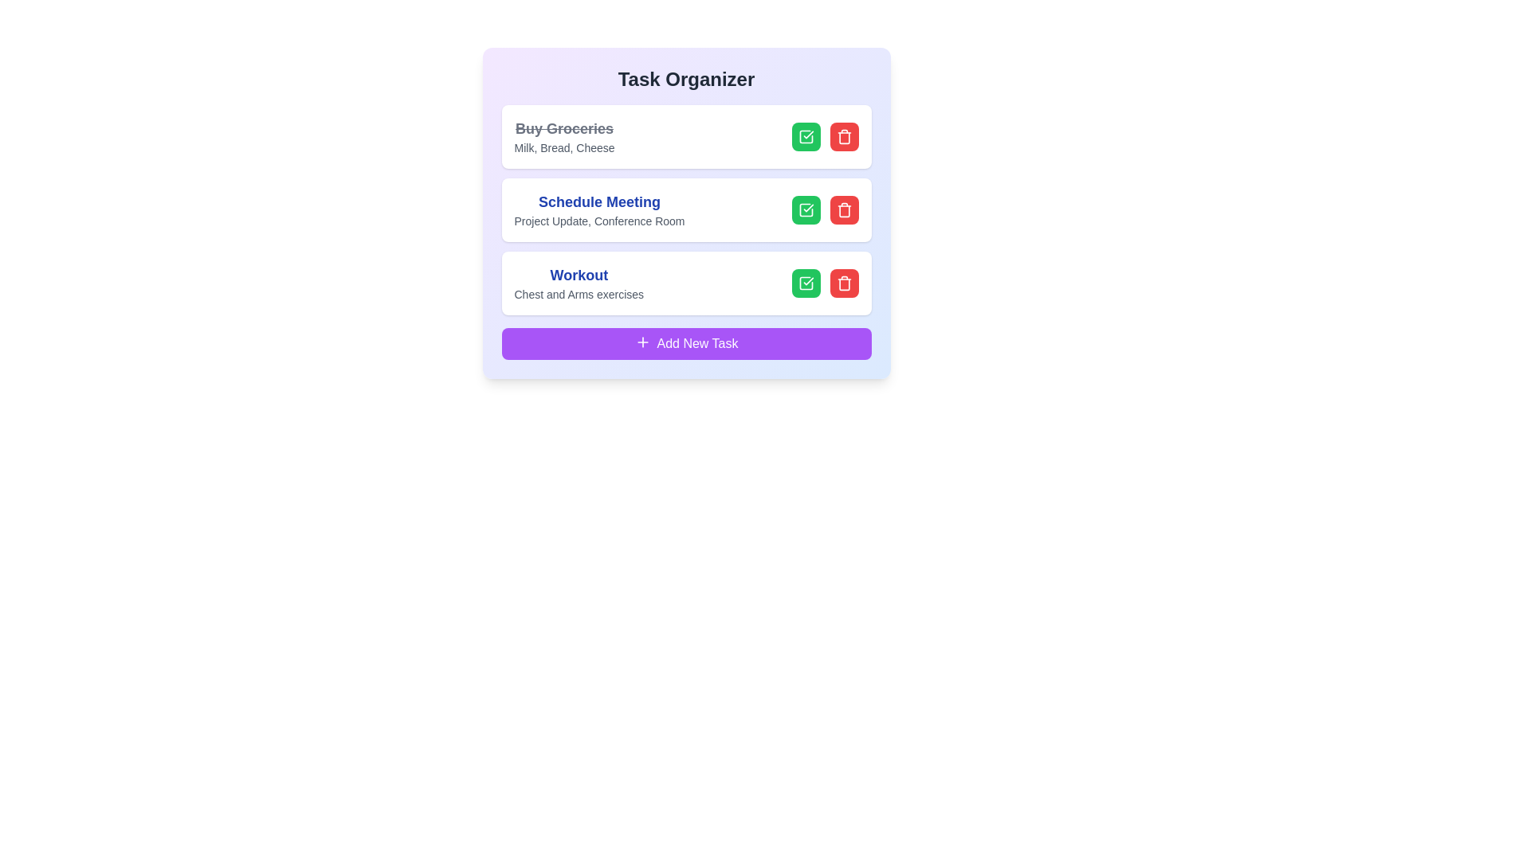 The height and width of the screenshot is (860, 1530). I want to click on the delete button for the task named Workout, so click(843, 282).